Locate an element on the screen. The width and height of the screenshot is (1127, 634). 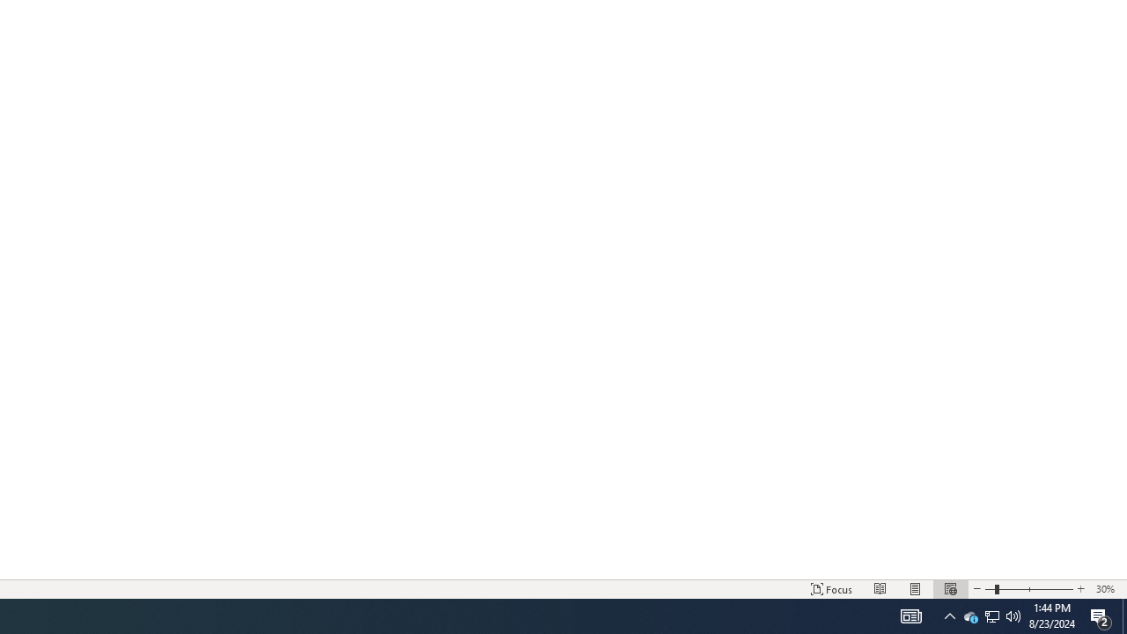
'Focus ' is located at coordinates (830, 589).